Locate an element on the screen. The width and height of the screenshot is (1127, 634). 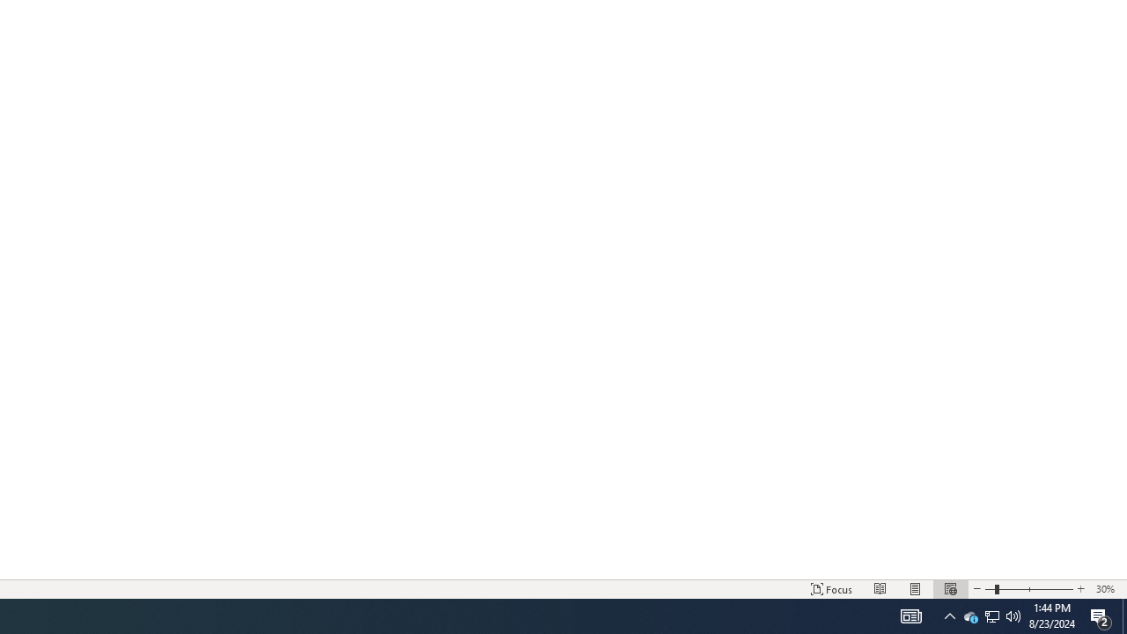
'Focus ' is located at coordinates (830, 589).